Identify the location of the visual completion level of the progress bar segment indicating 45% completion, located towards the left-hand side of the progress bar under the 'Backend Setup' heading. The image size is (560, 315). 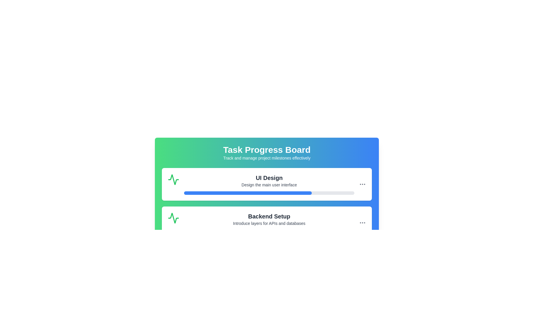
(222, 231).